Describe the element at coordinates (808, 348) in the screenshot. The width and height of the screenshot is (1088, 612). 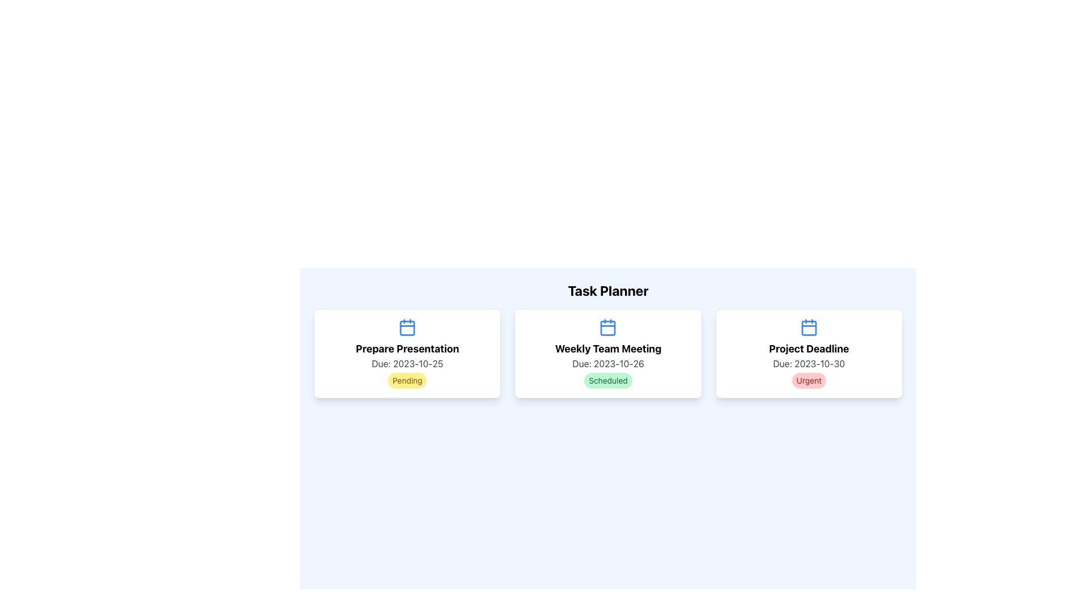
I see `the text label that serves as the title for the project deadline within the third card of the Task Planner section` at that location.